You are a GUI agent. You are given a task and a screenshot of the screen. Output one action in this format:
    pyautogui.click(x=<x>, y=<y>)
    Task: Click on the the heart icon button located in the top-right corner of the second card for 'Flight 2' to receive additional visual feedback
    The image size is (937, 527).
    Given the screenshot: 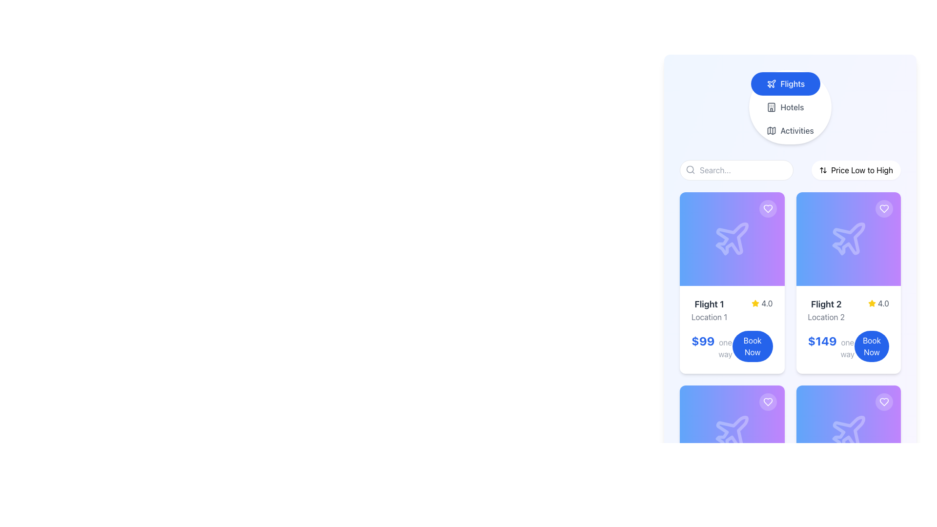 What is the action you would take?
    pyautogui.click(x=884, y=208)
    